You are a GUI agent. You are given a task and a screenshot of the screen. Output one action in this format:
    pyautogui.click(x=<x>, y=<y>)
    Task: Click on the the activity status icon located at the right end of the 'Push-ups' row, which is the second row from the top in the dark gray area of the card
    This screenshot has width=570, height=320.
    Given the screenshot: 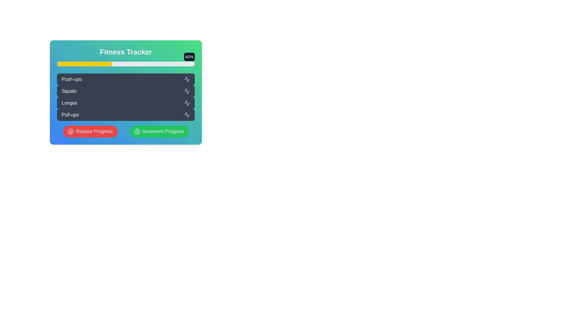 What is the action you would take?
    pyautogui.click(x=186, y=79)
    